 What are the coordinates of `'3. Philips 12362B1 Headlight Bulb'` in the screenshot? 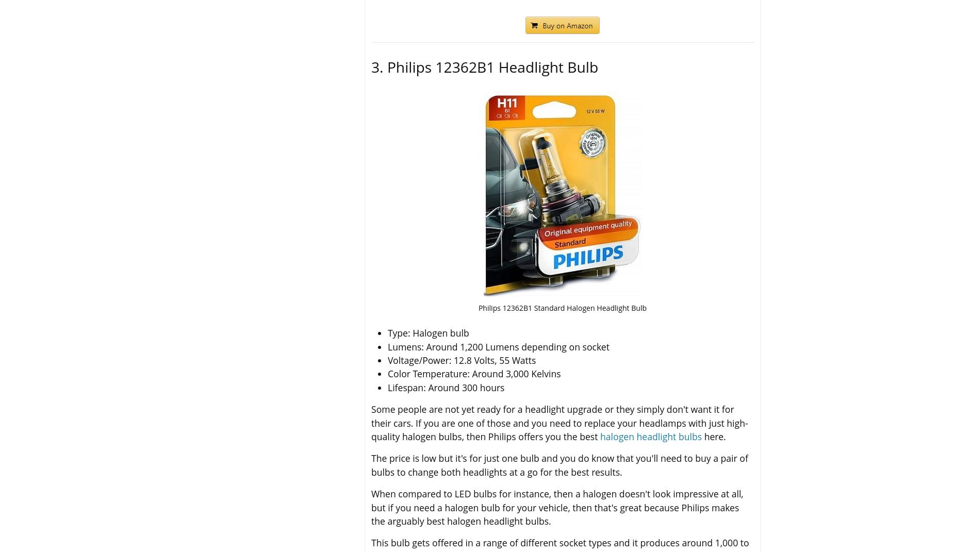 It's located at (484, 66).